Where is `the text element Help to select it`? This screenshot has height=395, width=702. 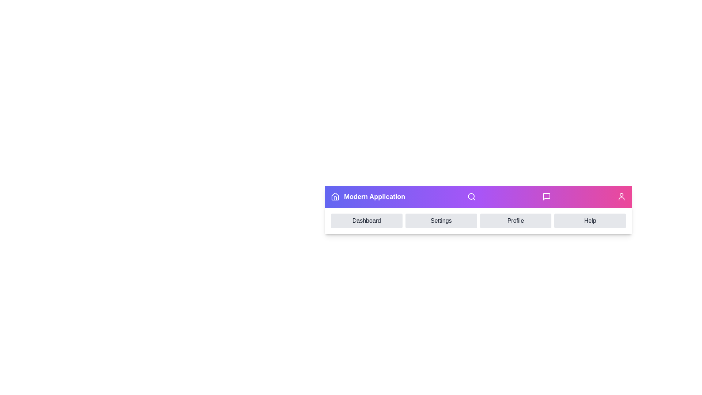
the text element Help to select it is located at coordinates (590, 221).